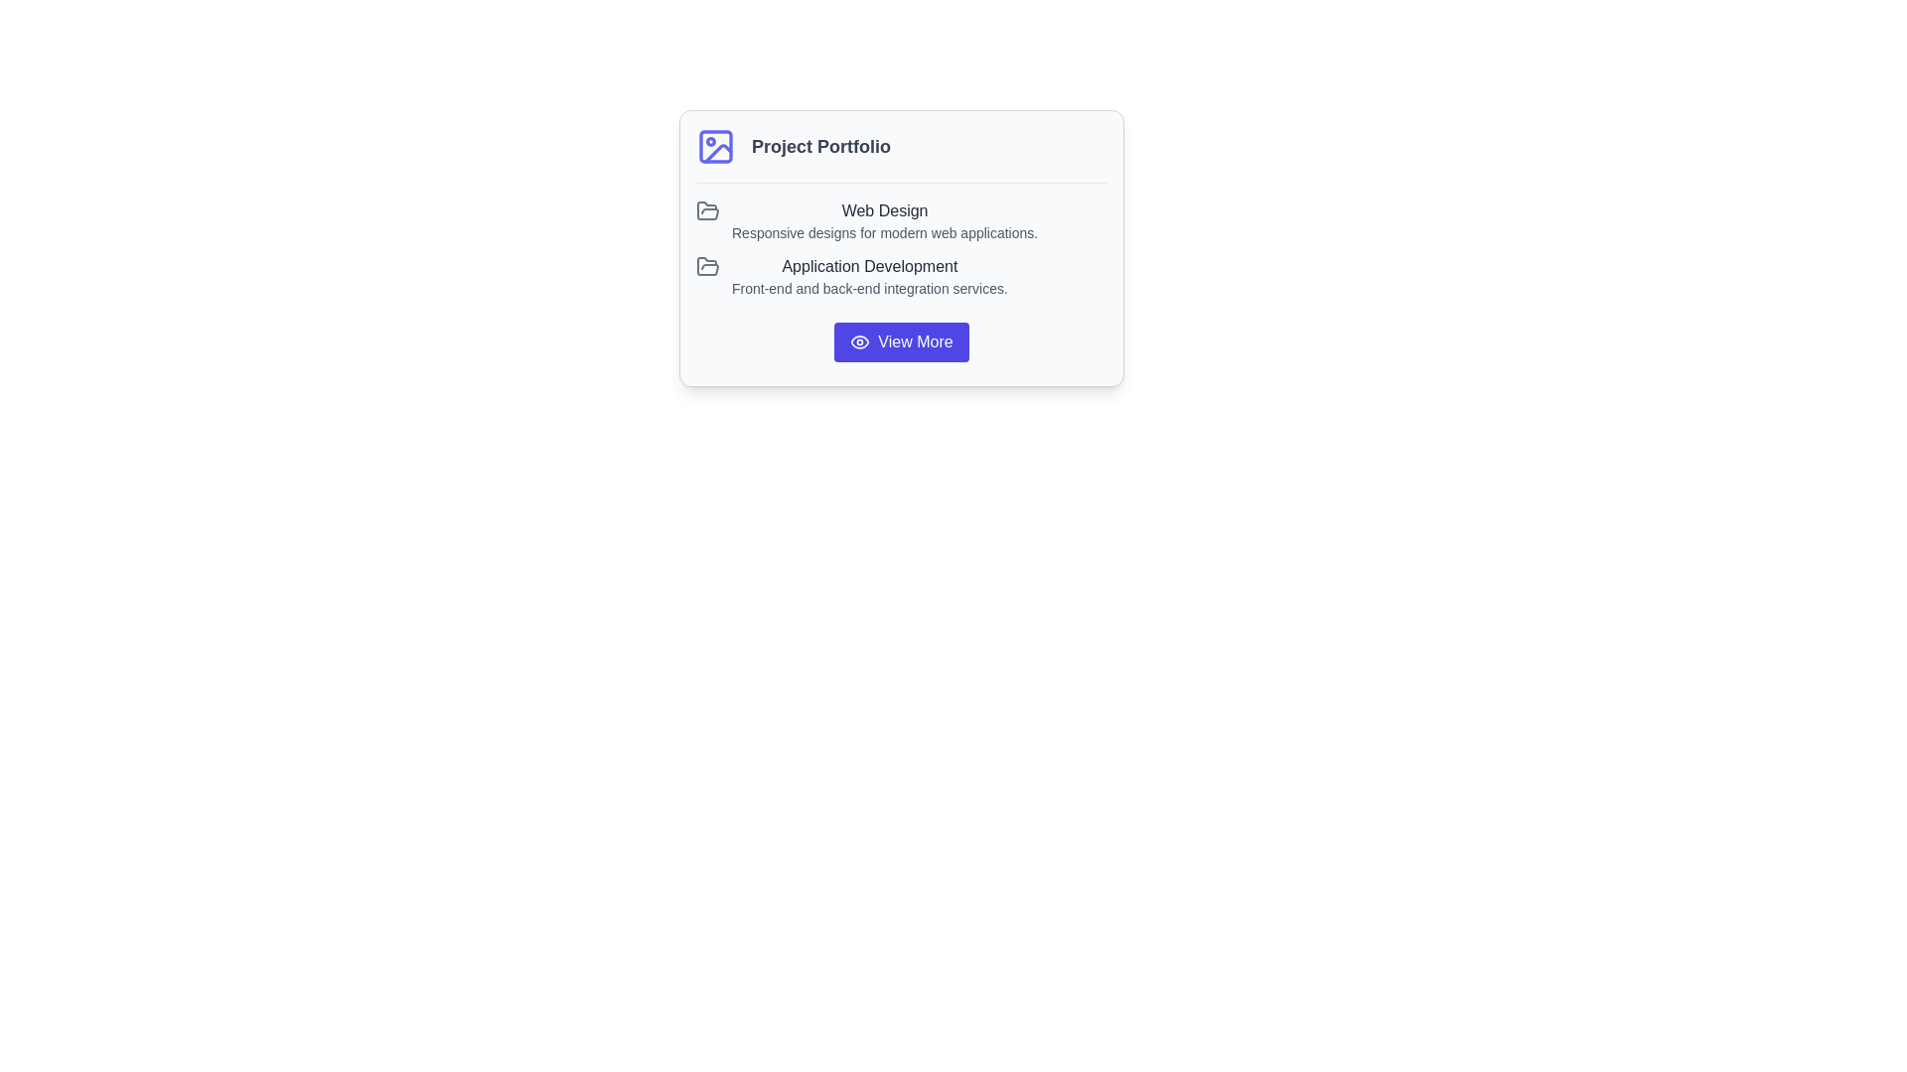  I want to click on the gray outlined folder icon that is the second icon in the list accompanying 'Application Development', so click(708, 266).